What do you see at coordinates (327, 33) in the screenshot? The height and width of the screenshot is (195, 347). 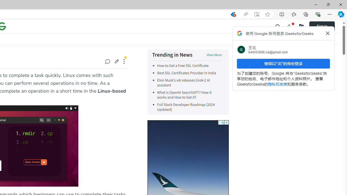 I see `'Class: Bz112c Bz112c-r9oPif'` at bounding box center [327, 33].